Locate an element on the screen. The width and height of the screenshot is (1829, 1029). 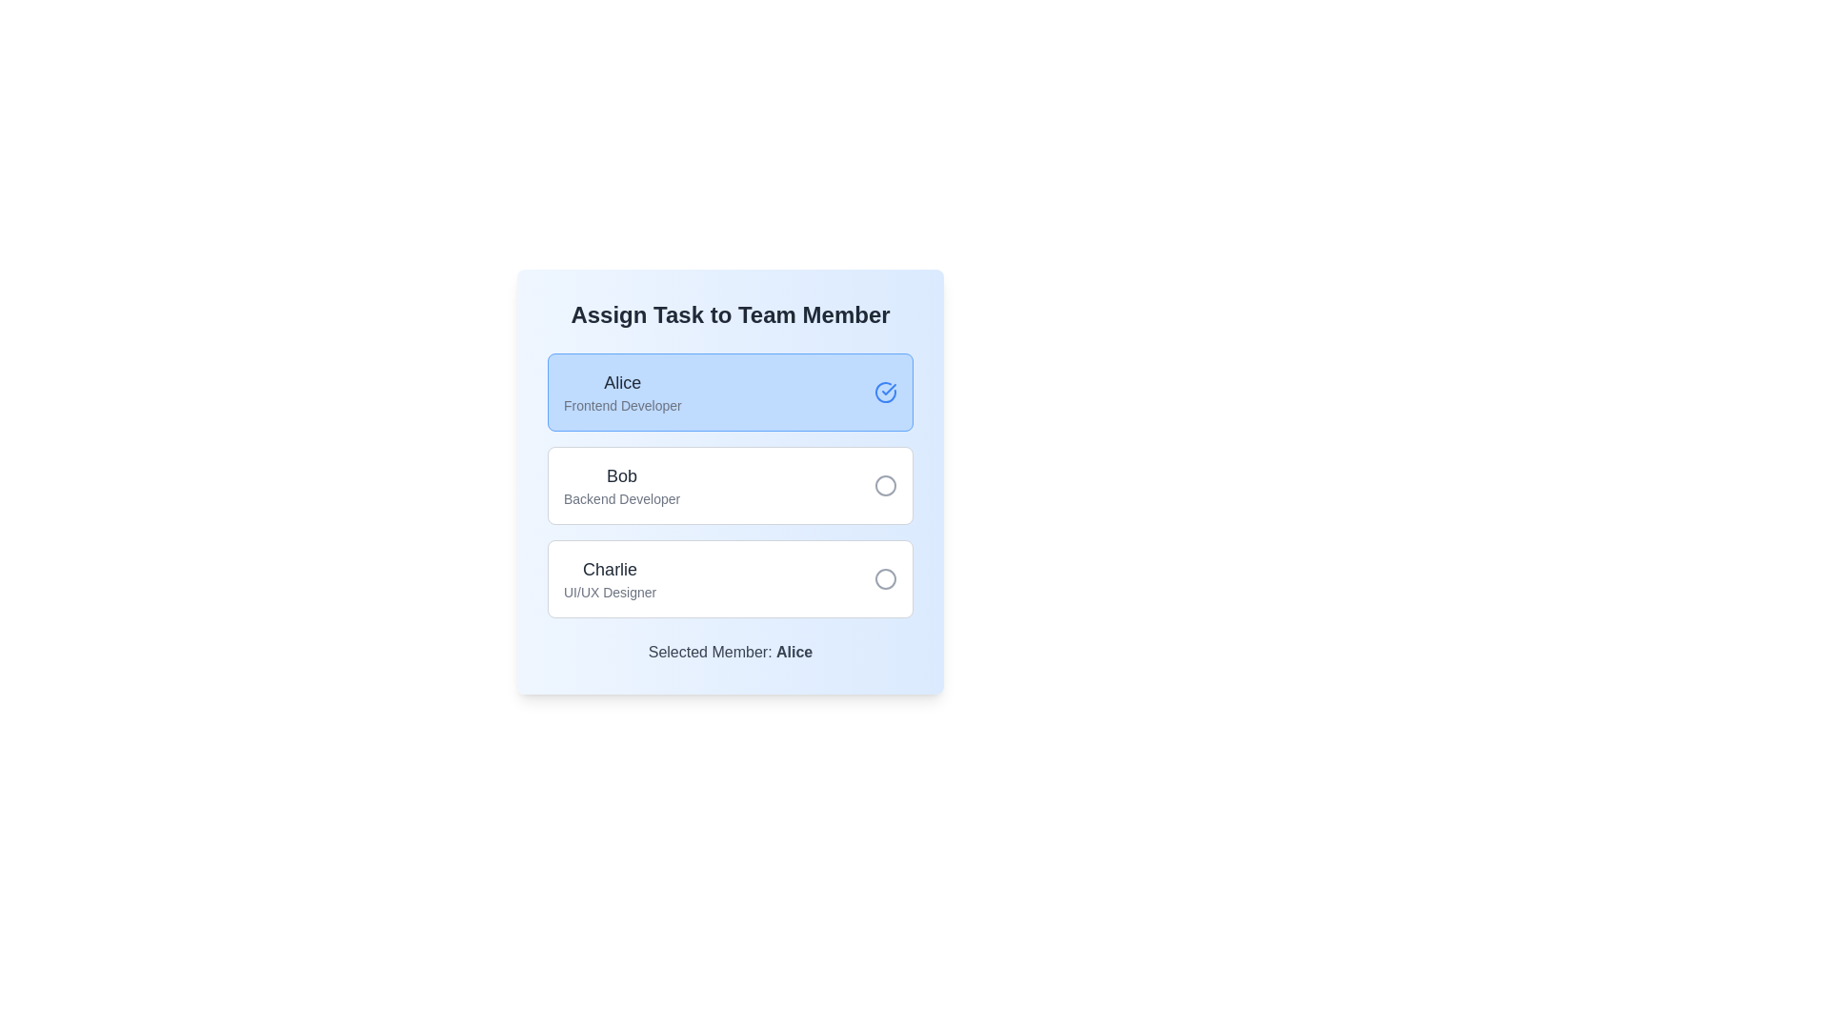
the circular radio button beside the text 'Bob Backend Developer' is located at coordinates (885, 484).